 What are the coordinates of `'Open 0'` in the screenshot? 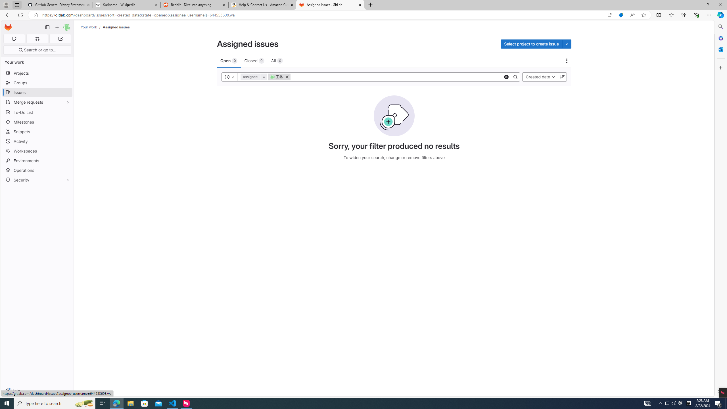 It's located at (229, 60).